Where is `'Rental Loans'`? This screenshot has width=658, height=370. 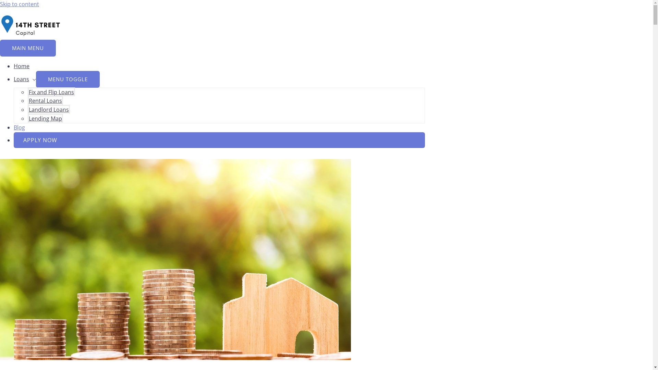 'Rental Loans' is located at coordinates (45, 100).